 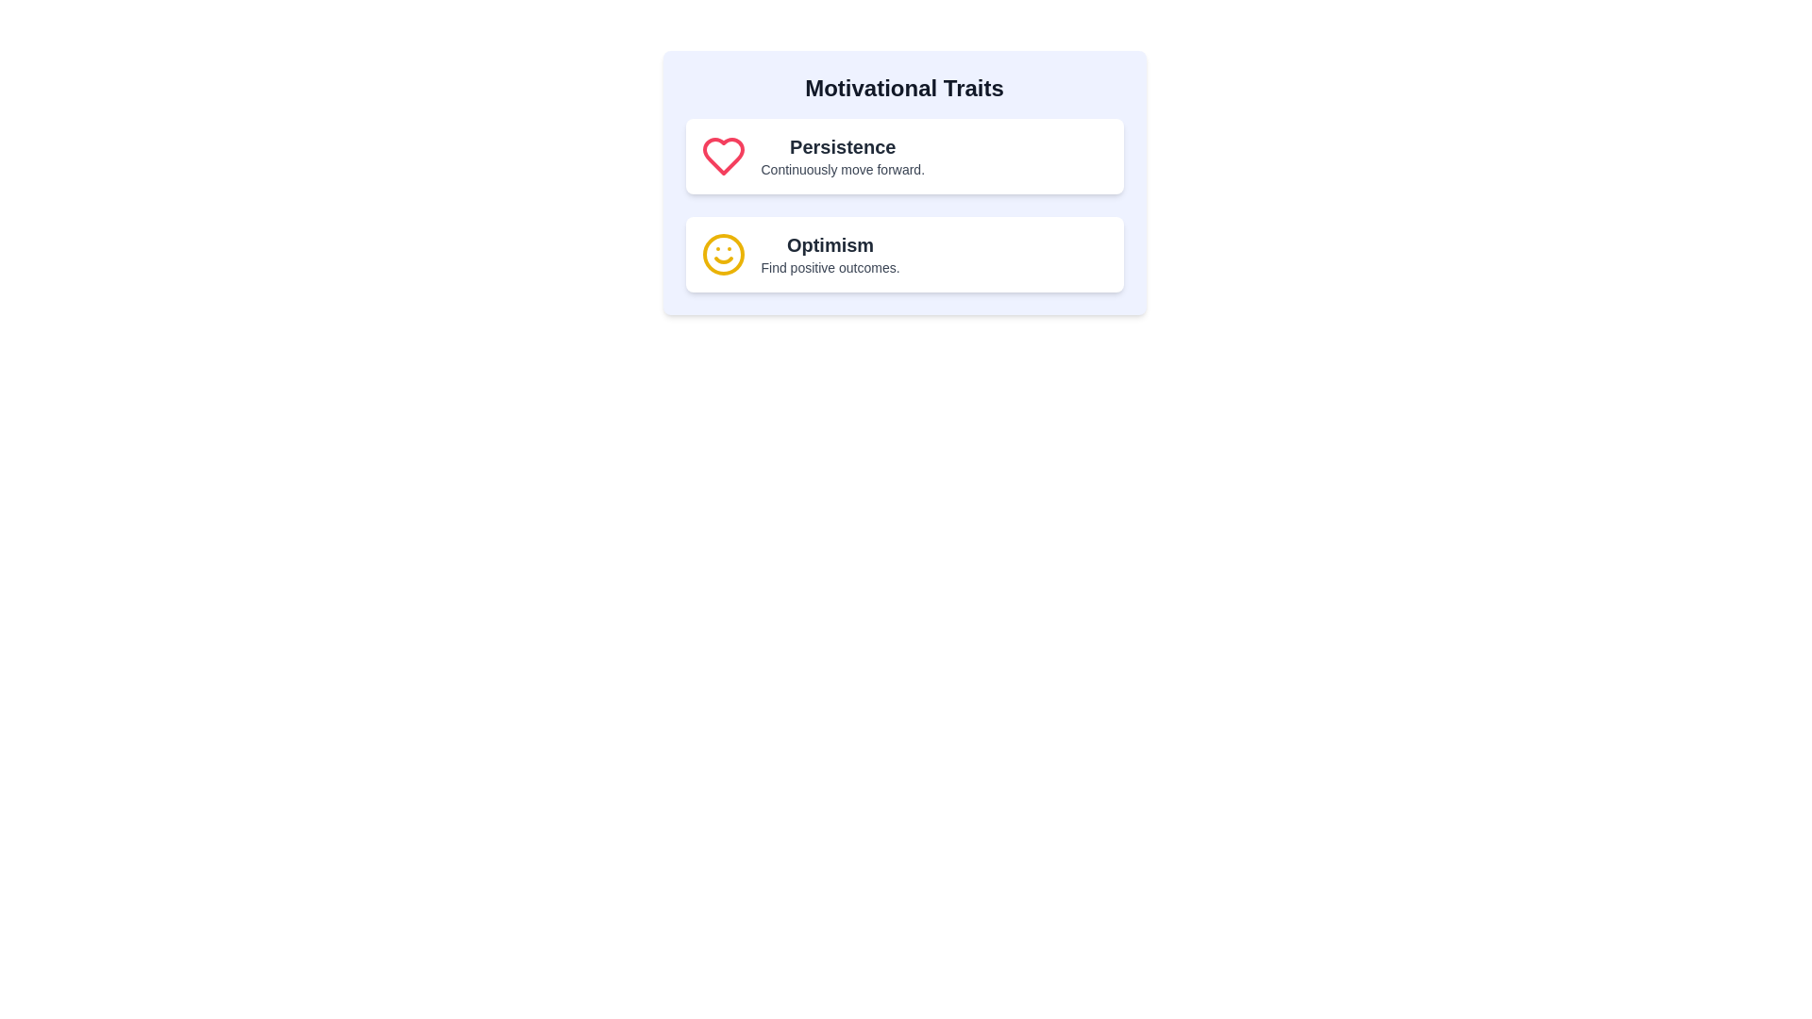 What do you see at coordinates (830, 243) in the screenshot?
I see `the text component displaying 'Optimism' in bold dark gray font, located in the bottom trait card under the title 'Motivational Traits'` at bounding box center [830, 243].